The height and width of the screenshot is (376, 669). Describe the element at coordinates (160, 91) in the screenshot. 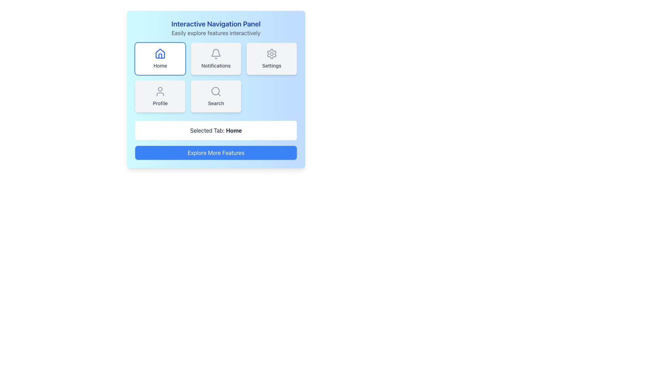

I see `the user icon, which is styled with a circular head and curved shoulders, located in the 'Profile' button group at the top-center of a four-button navigation panel` at that location.